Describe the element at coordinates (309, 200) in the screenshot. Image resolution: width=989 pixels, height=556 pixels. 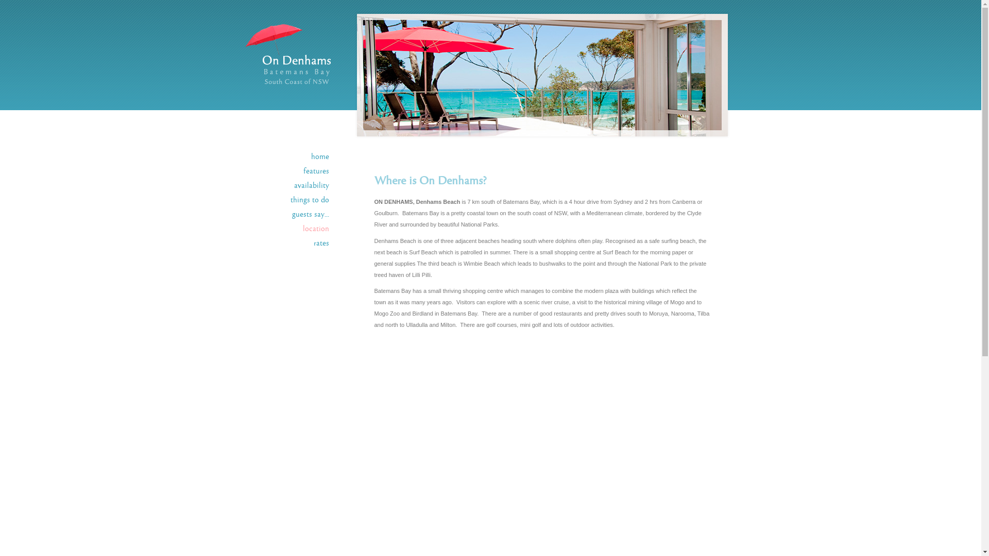
I see `'things to do'` at that location.